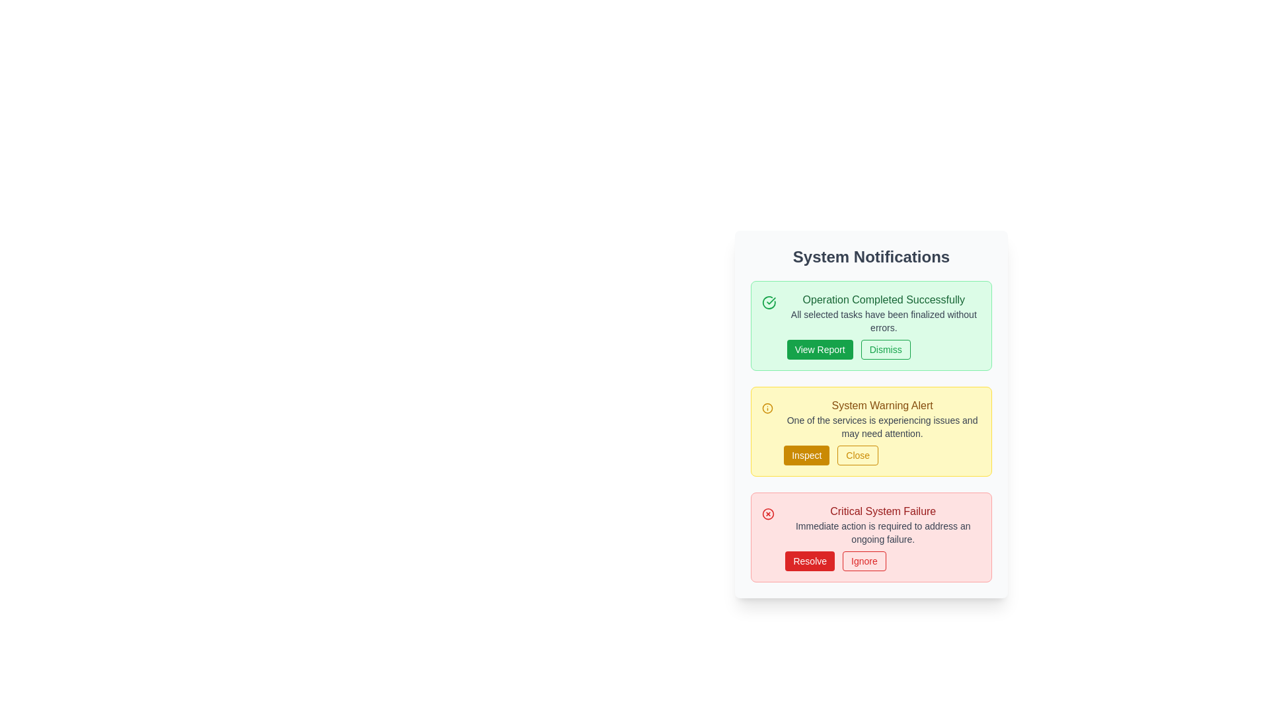 Image resolution: width=1269 pixels, height=714 pixels. I want to click on the 'Dismiss' button, which is a rectangular button with green text on a white background, located in the 'System Notifications' panel, so click(886, 348).